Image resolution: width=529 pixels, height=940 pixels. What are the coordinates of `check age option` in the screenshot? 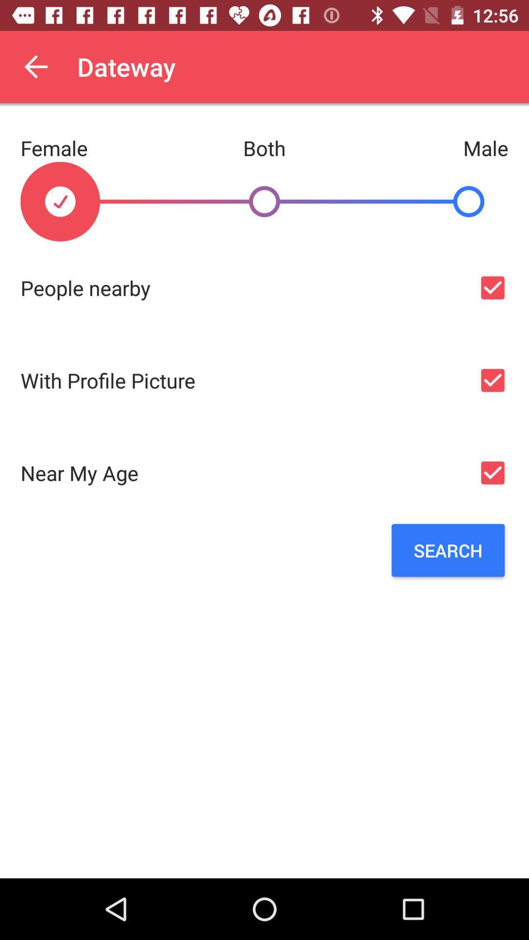 It's located at (492, 472).